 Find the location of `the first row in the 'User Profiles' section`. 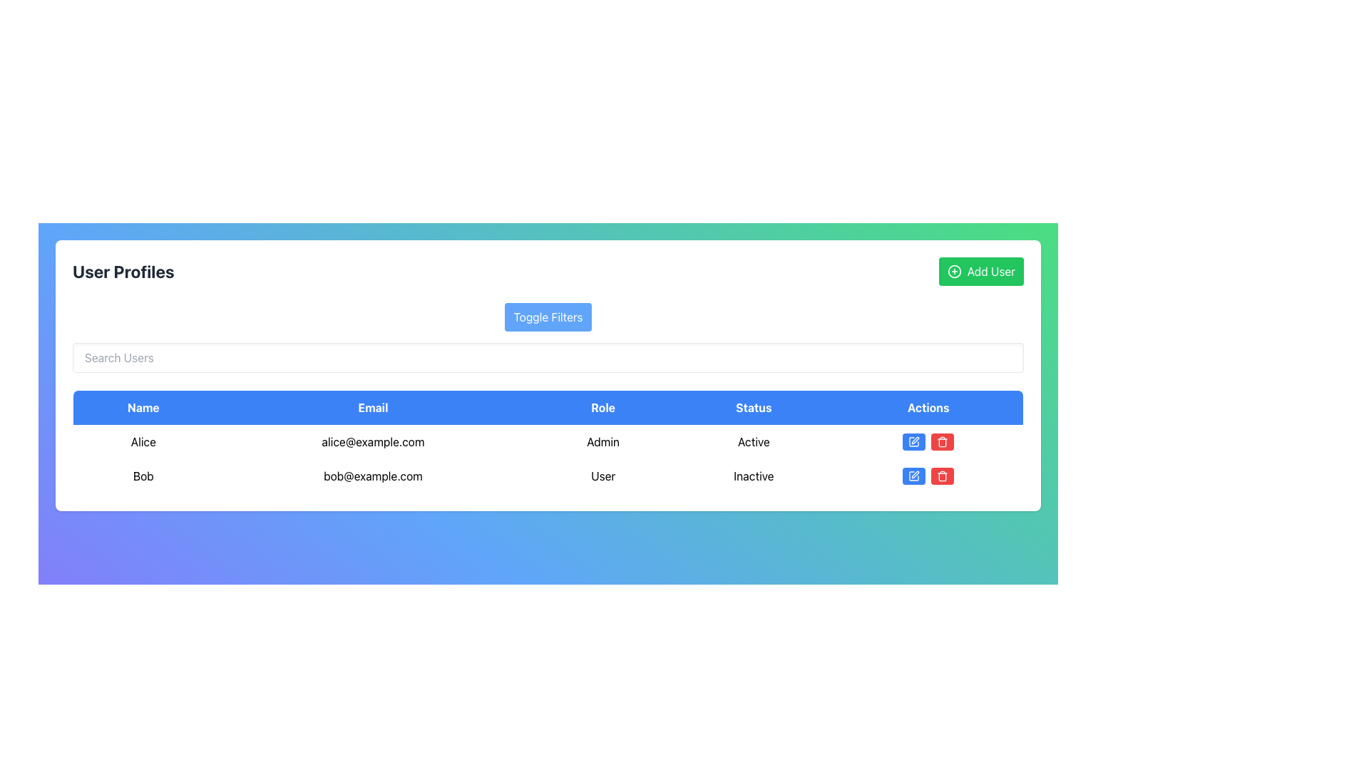

the first row in the 'User Profiles' section is located at coordinates (547, 441).